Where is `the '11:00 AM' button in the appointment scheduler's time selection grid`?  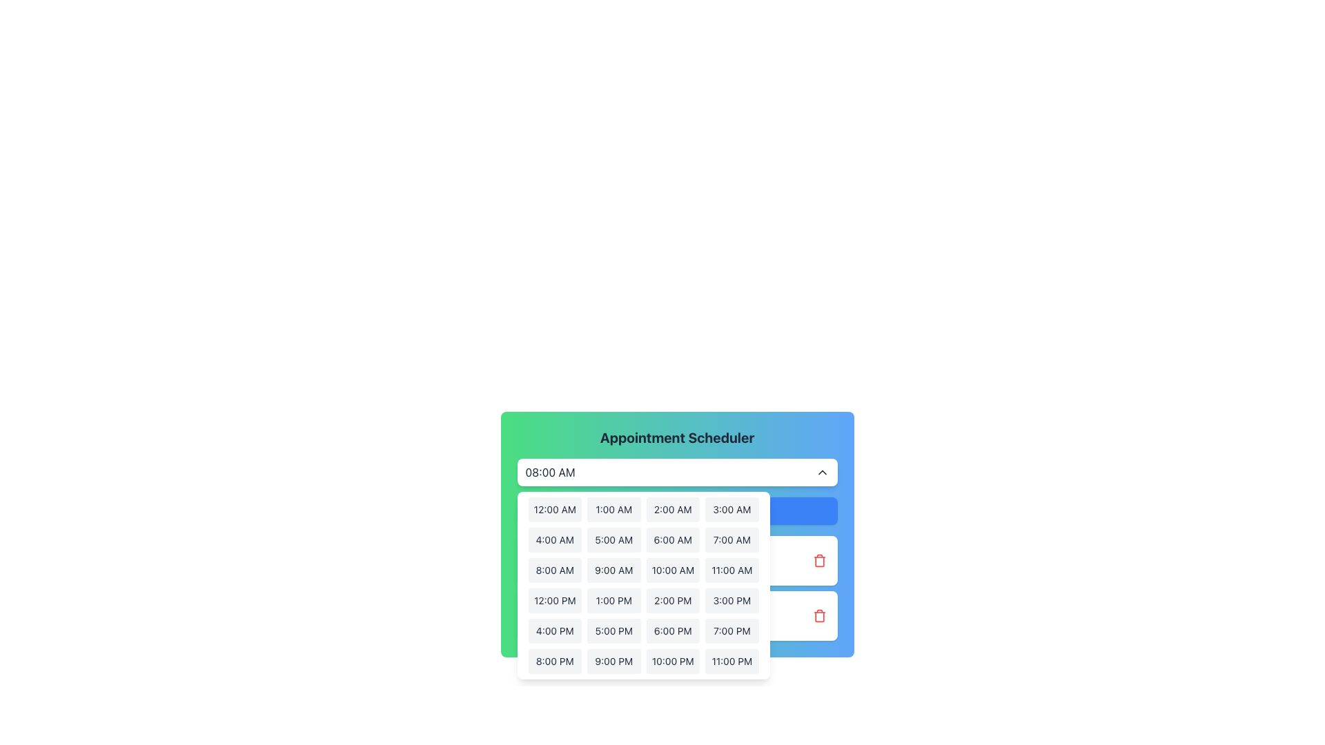 the '11:00 AM' button in the appointment scheduler's time selection grid is located at coordinates (731, 570).